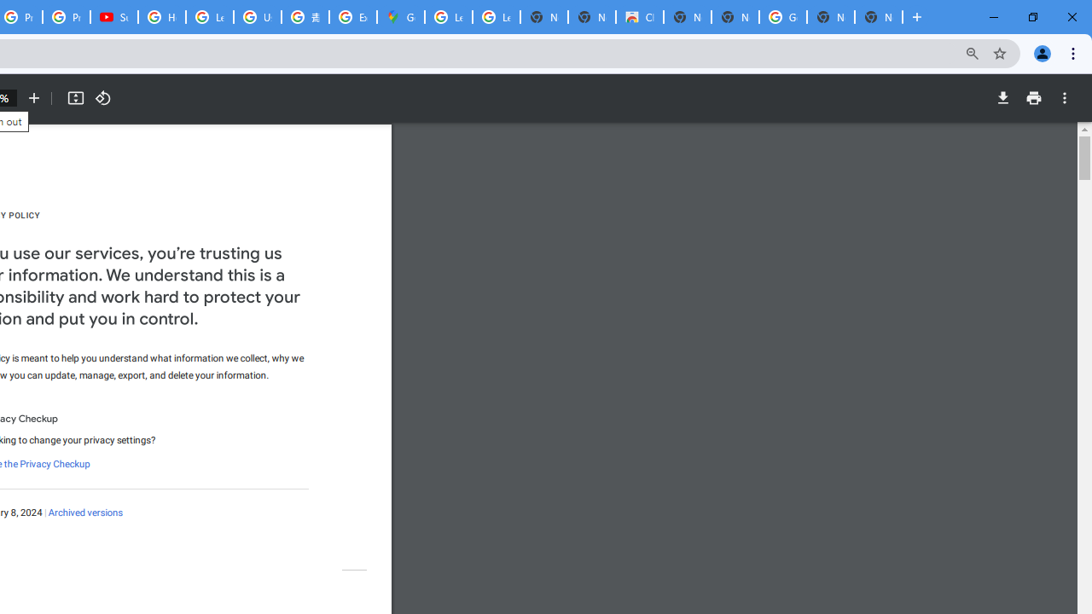  What do you see at coordinates (399, 17) in the screenshot?
I see `'Google Maps'` at bounding box center [399, 17].